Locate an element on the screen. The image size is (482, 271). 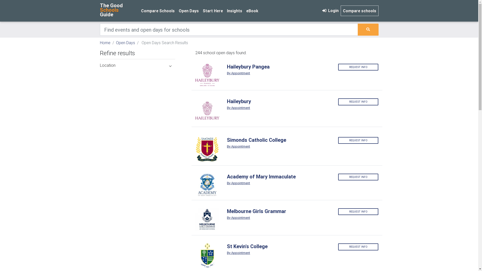
'Compare schools' is located at coordinates (359, 11).